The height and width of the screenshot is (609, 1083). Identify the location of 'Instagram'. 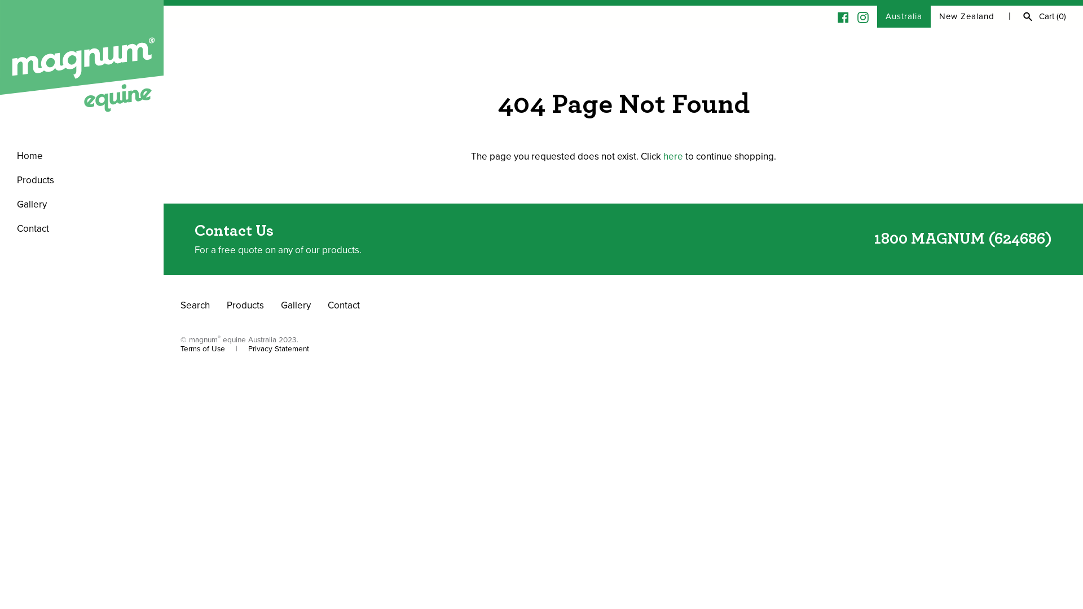
(862, 16).